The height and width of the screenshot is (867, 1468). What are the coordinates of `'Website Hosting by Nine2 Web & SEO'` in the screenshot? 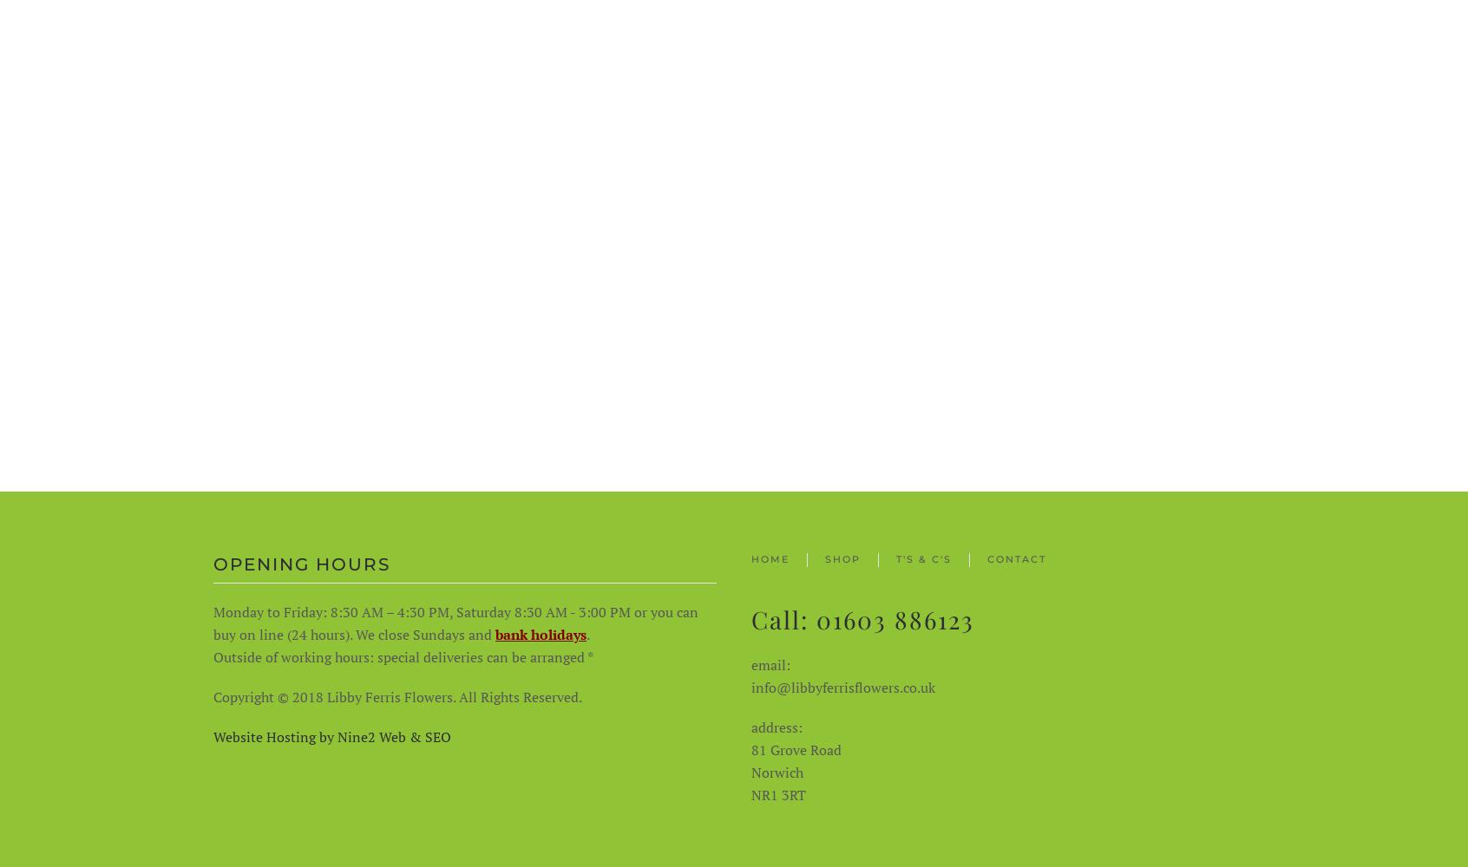 It's located at (332, 735).